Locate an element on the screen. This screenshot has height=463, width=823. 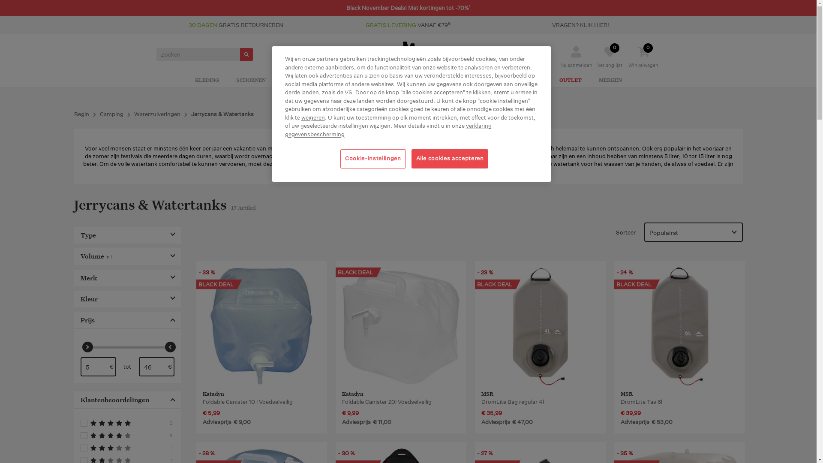
'KINDEREN' is located at coordinates (528, 81).